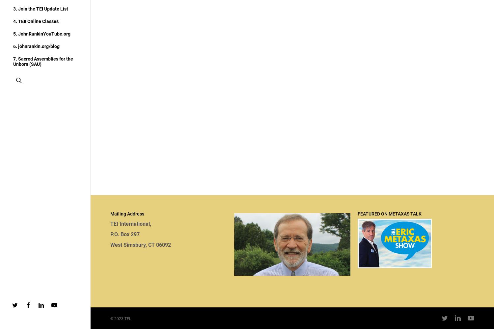 The width and height of the screenshot is (494, 329). Describe the element at coordinates (43, 62) in the screenshot. I see `'7. Sacred Assemblies for the Unborn (SAU)'` at that location.